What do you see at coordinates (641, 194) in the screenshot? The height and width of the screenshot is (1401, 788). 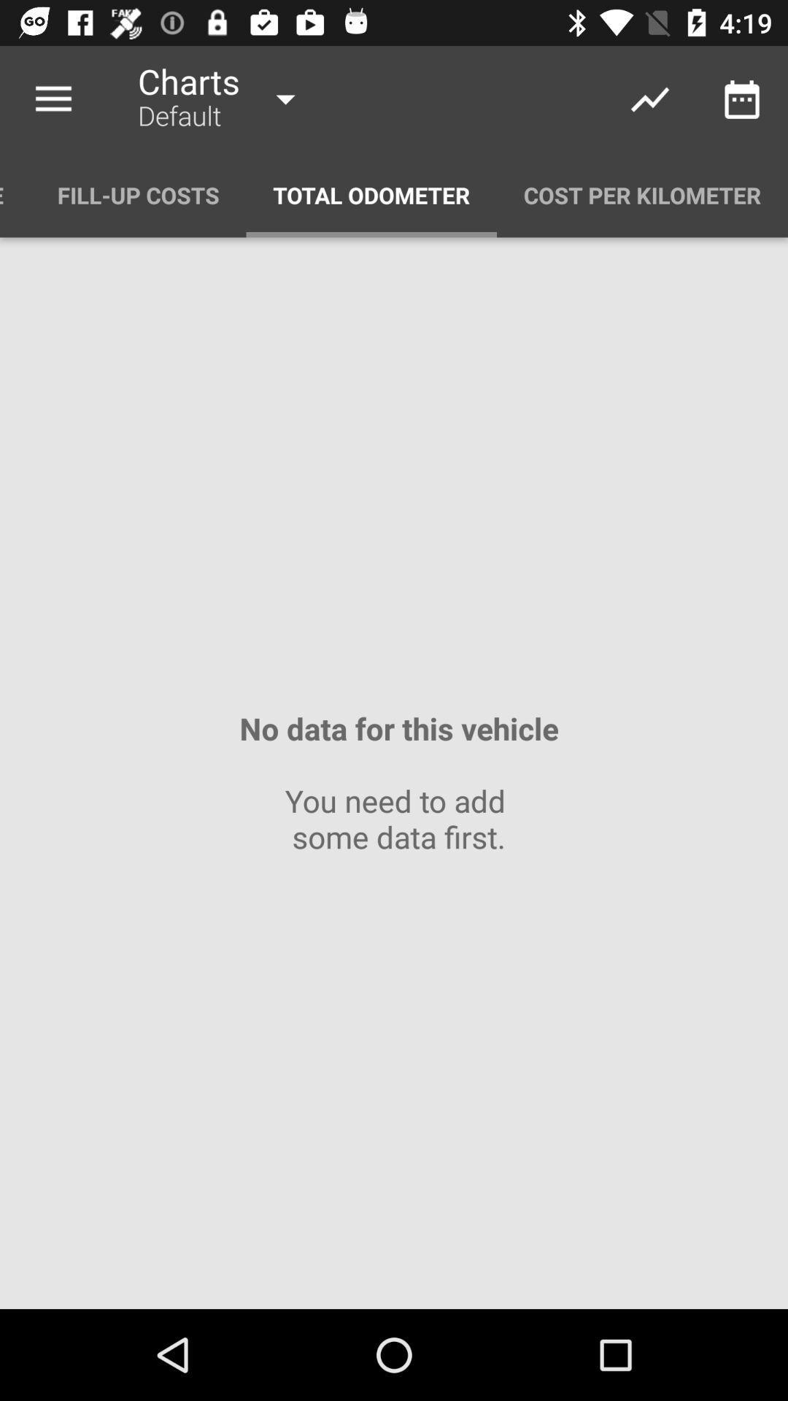 I see `the cost per kilometer` at bounding box center [641, 194].